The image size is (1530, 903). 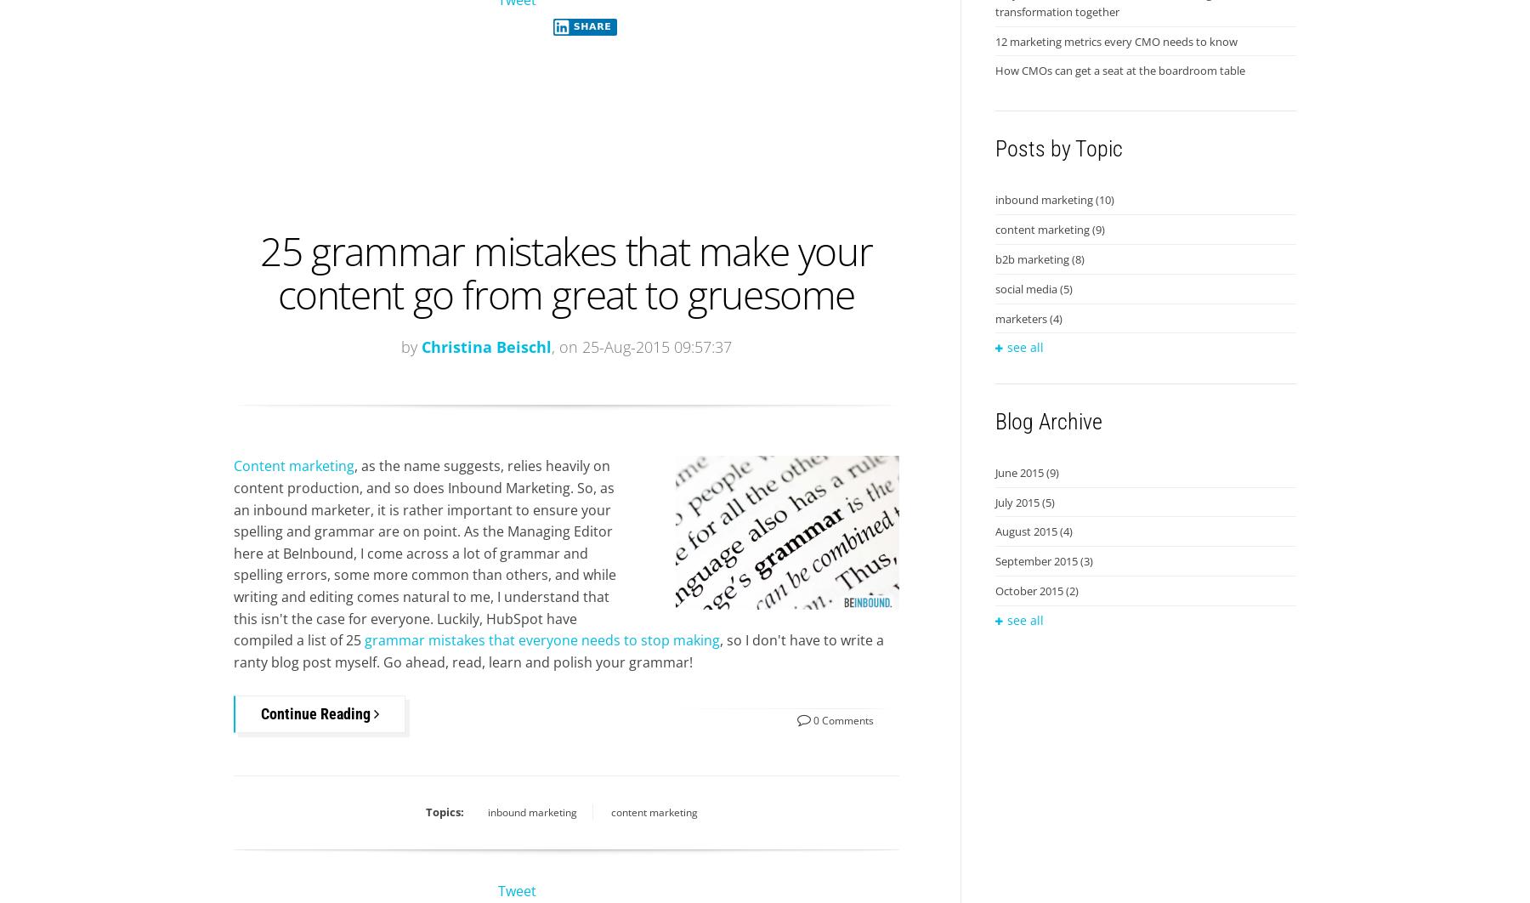 I want to click on 'Continue Reading', so click(x=317, y=713).